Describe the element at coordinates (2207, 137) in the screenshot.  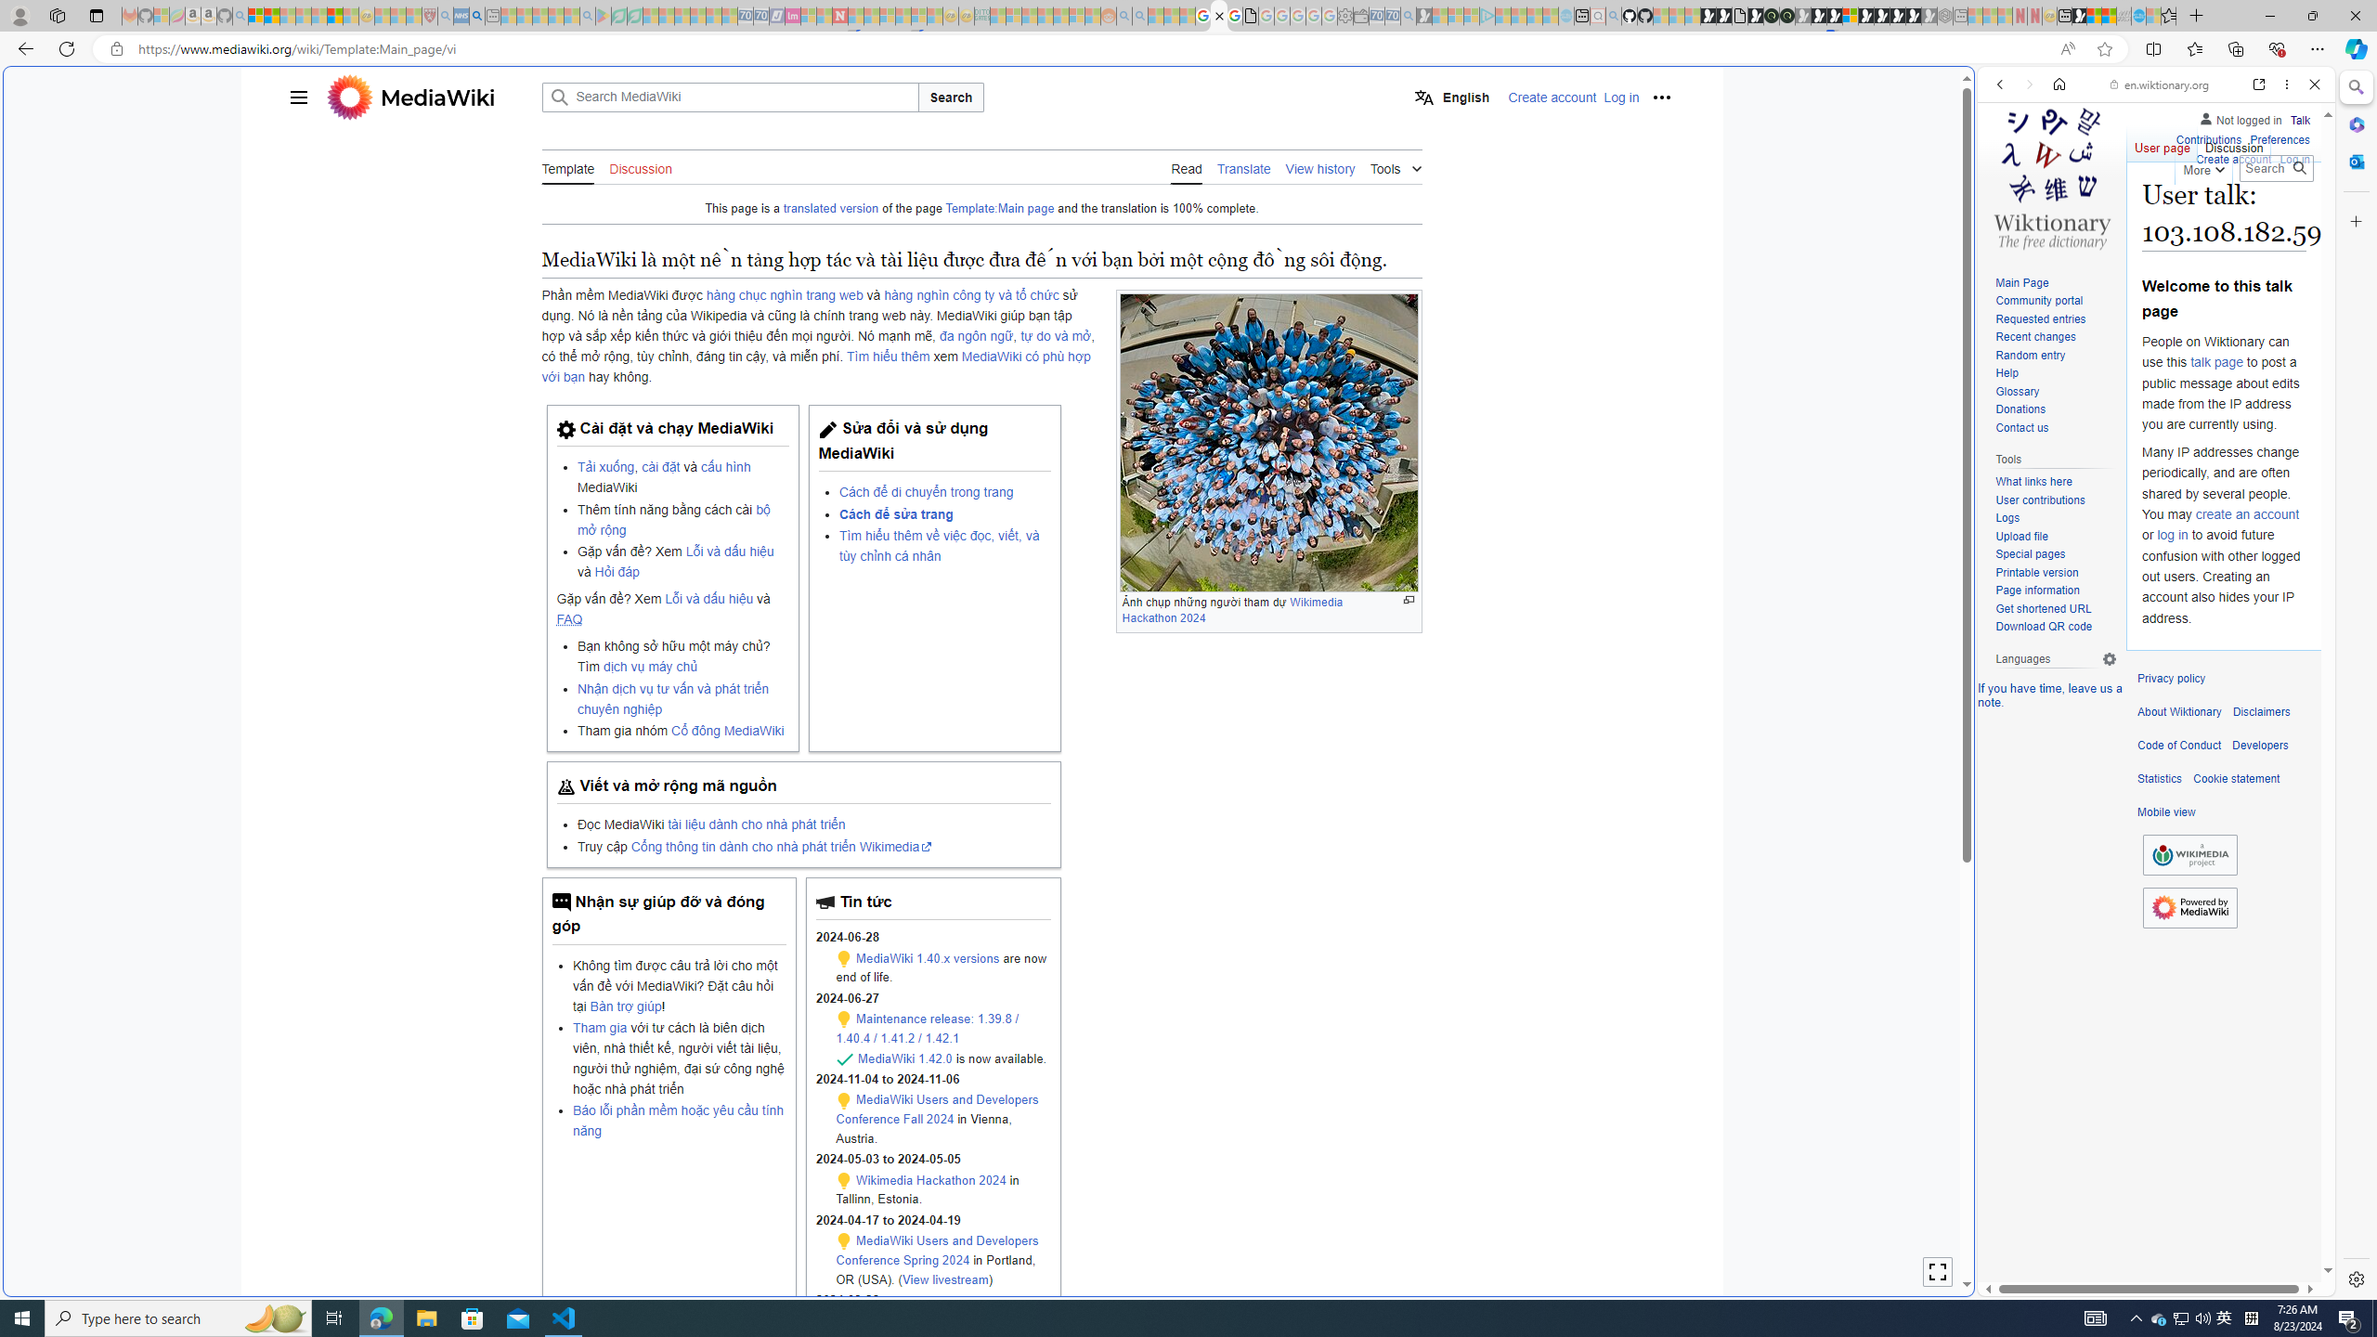
I see `'Contributions'` at that location.